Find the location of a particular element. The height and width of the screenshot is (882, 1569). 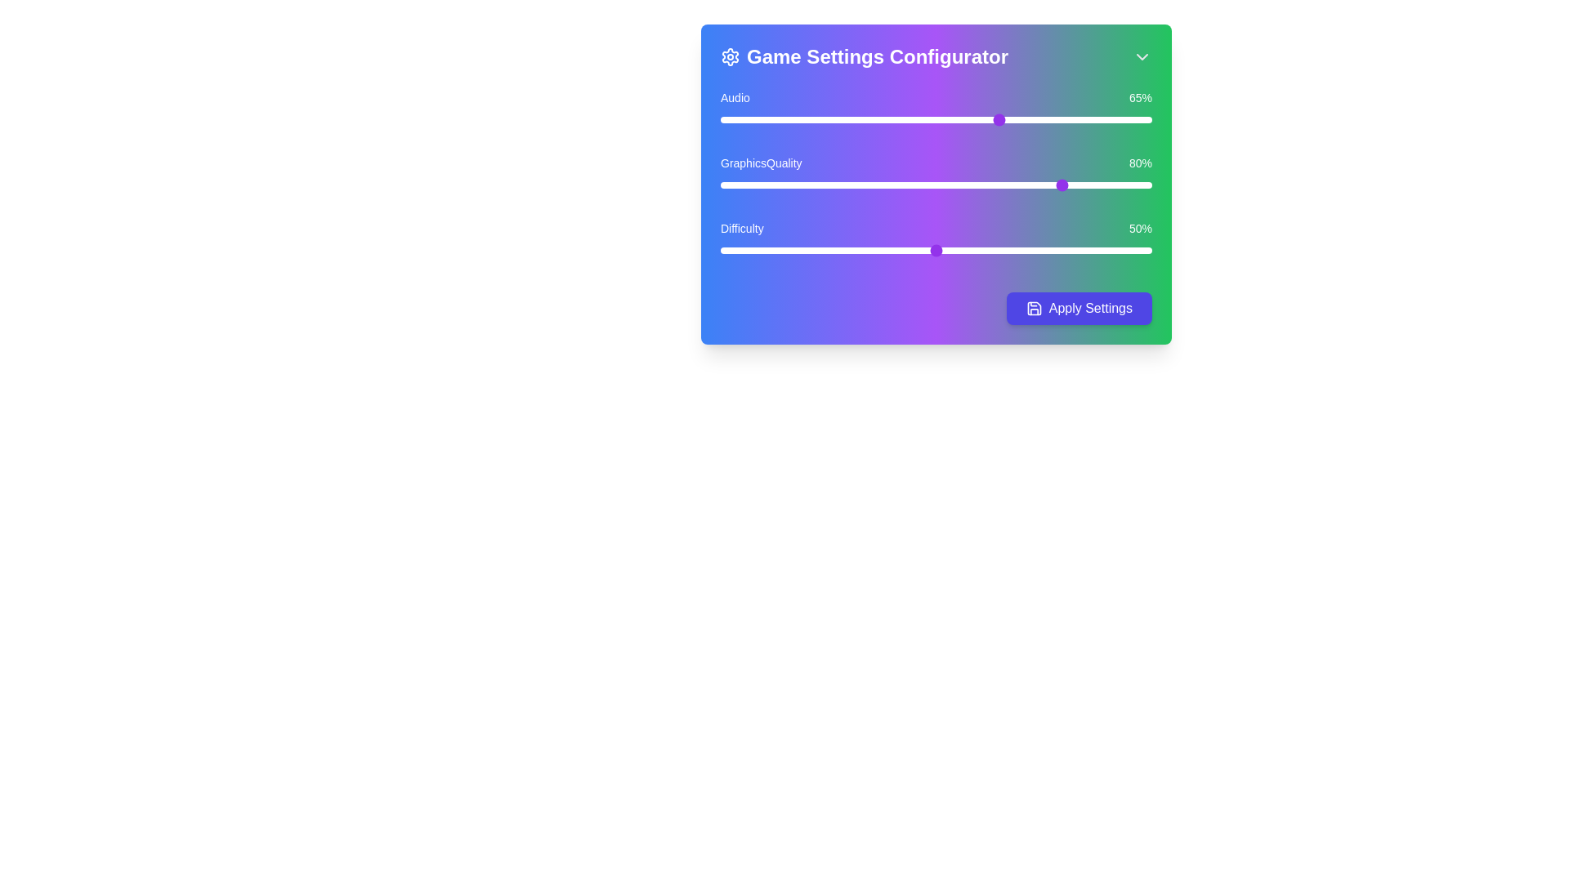

Graphics Quality is located at coordinates (923, 185).